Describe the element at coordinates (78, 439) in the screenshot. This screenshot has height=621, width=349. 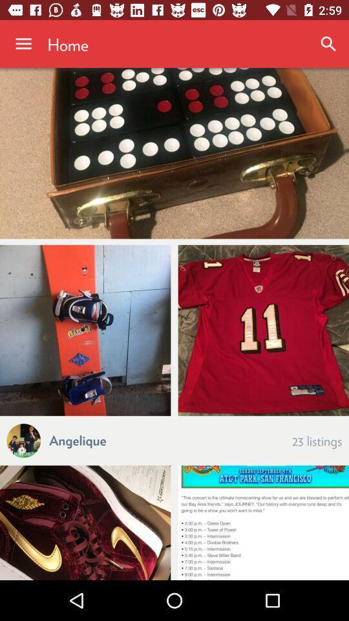
I see `the icon to the right of the a` at that location.